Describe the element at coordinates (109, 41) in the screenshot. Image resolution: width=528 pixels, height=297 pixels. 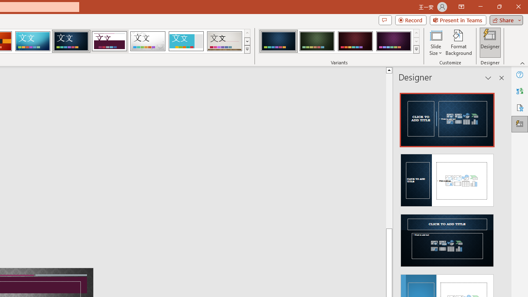
I see `'Dividend'` at that location.